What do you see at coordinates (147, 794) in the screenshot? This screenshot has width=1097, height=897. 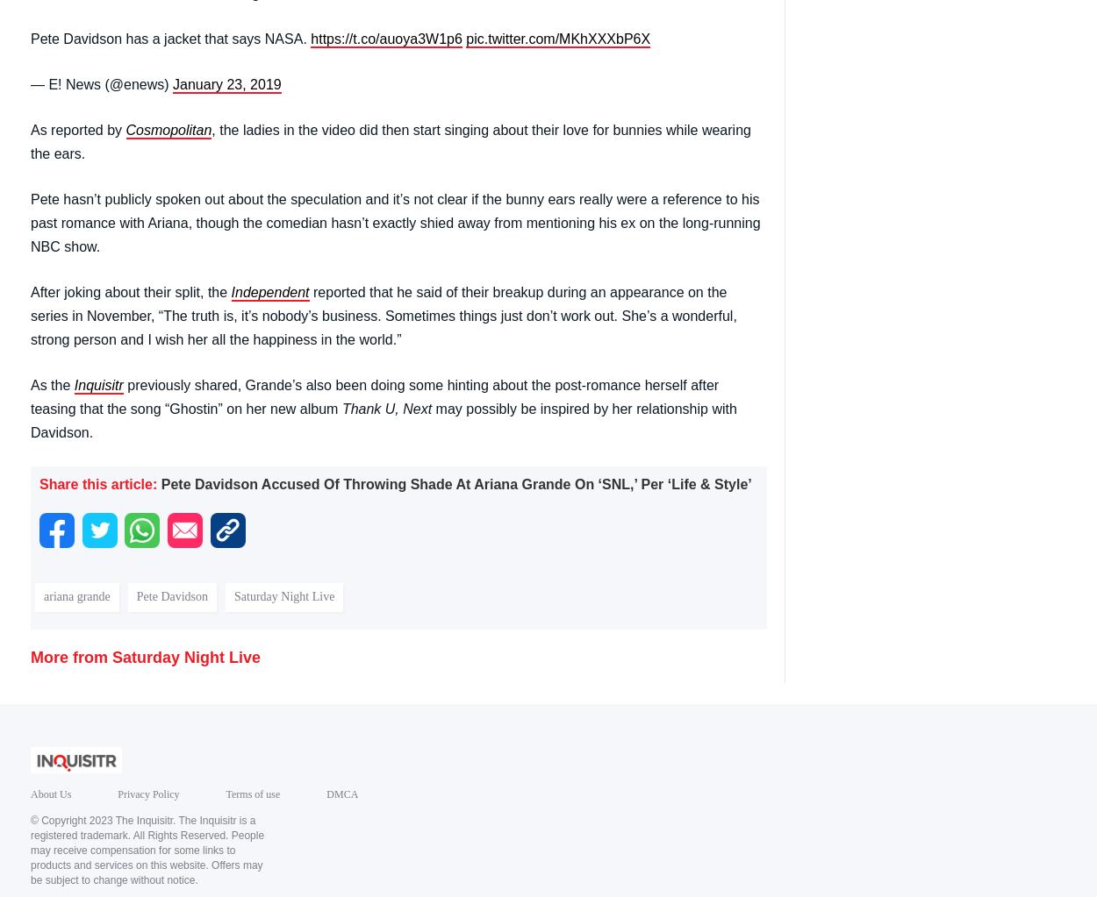 I see `'Privacy Policy'` at bounding box center [147, 794].